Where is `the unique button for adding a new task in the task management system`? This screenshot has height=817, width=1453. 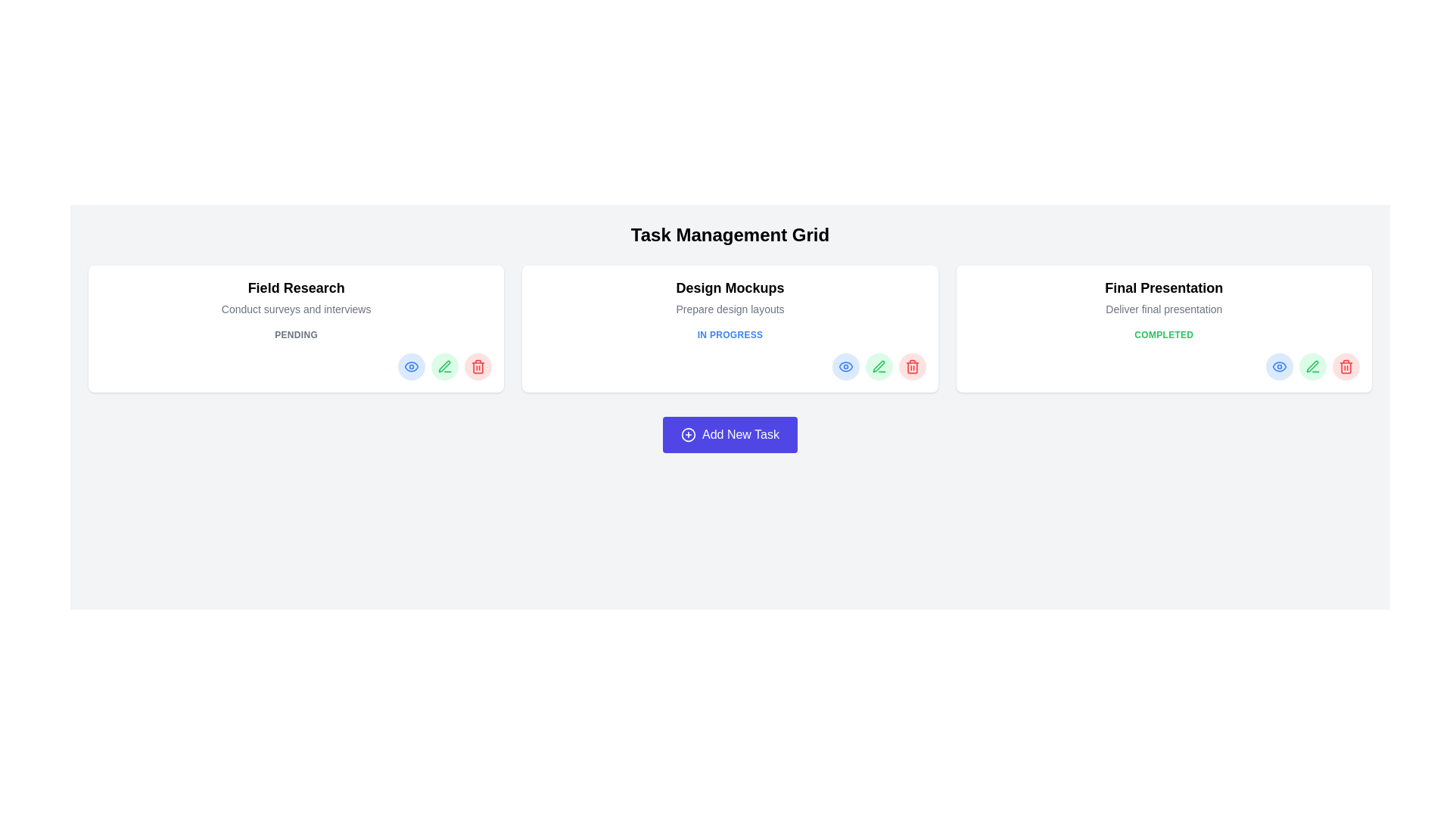 the unique button for adding a new task in the task management system is located at coordinates (730, 434).